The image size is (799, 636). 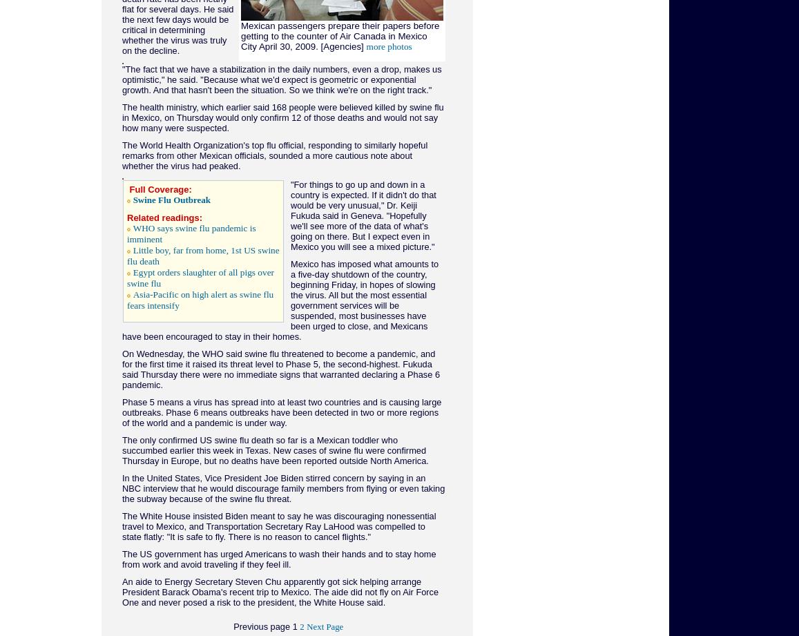 I want to click on 'Asia-Pacific on high alert as swine flu fears intensify', so click(x=199, y=300).